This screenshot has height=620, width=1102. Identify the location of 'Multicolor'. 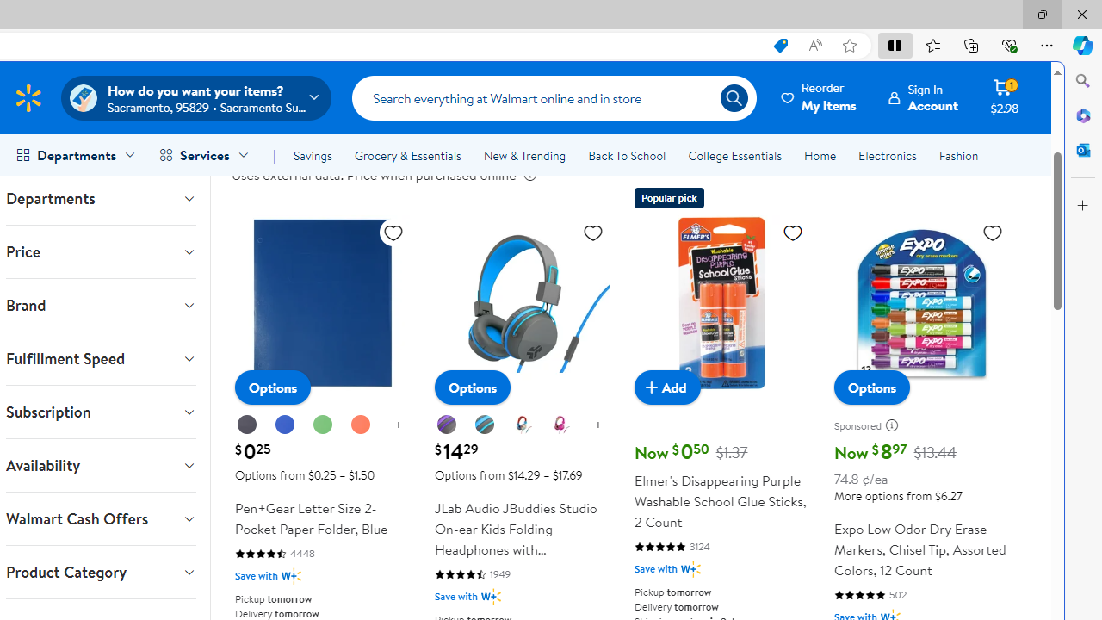
(522, 425).